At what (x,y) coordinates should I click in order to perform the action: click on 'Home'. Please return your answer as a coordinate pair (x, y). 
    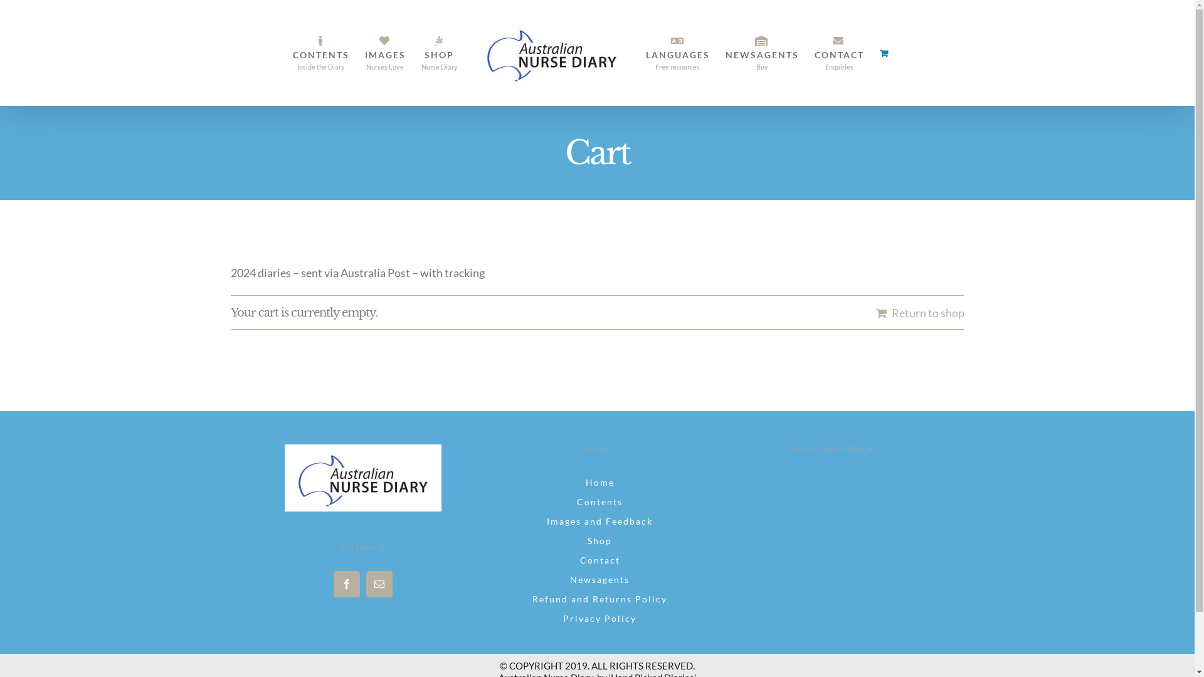
    Looking at the image, I should click on (596, 481).